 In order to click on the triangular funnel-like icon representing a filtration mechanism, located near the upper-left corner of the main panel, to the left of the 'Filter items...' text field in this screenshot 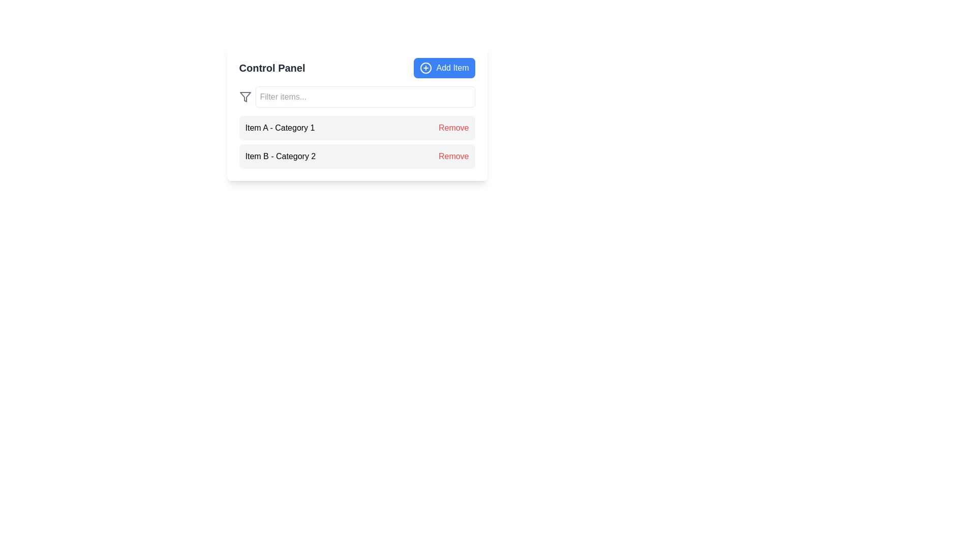, I will do `click(245, 97)`.